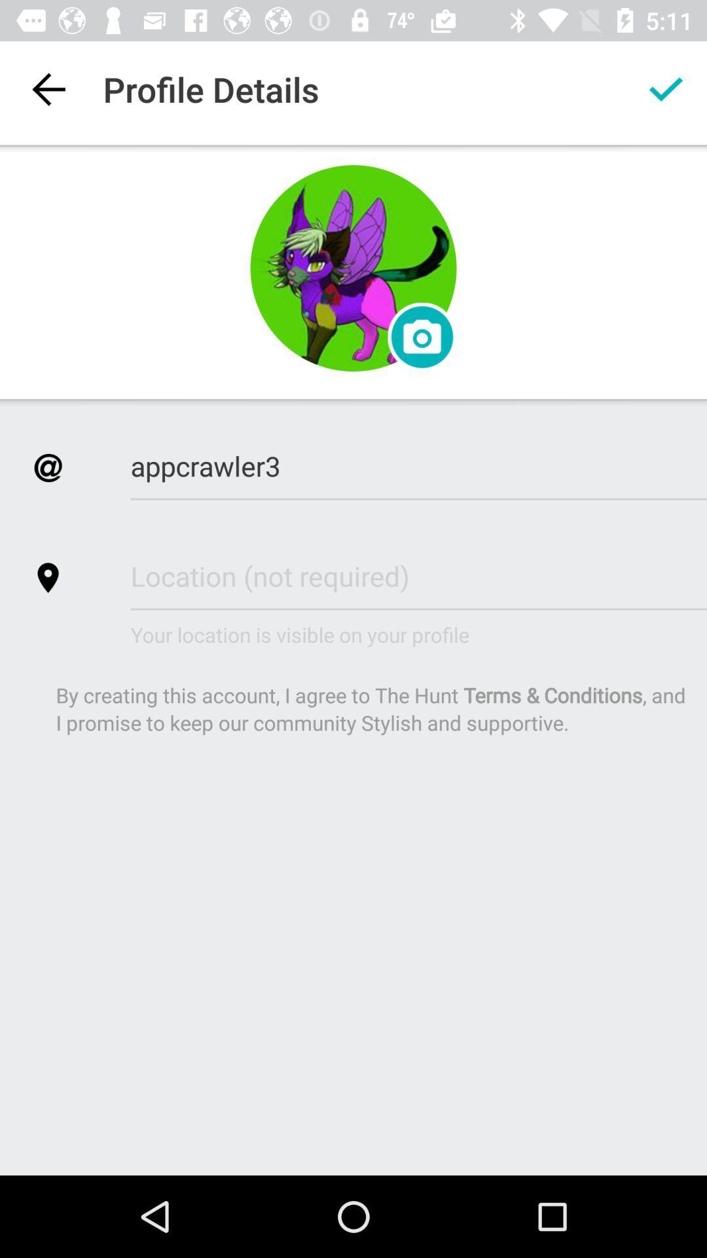  What do you see at coordinates (372, 708) in the screenshot?
I see `the by creating this` at bounding box center [372, 708].